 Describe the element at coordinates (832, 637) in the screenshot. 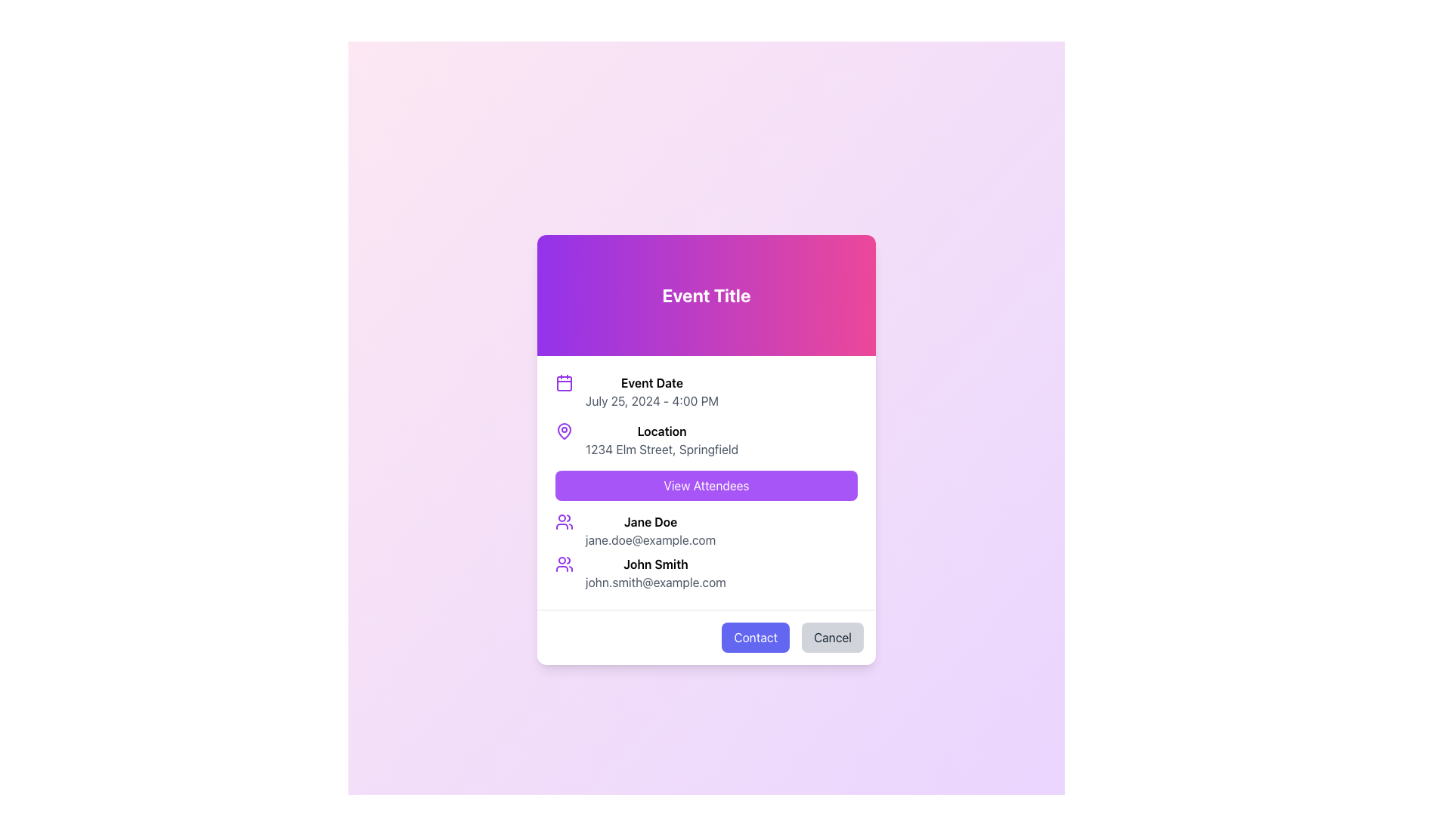

I see `the 'Cancel' button` at that location.